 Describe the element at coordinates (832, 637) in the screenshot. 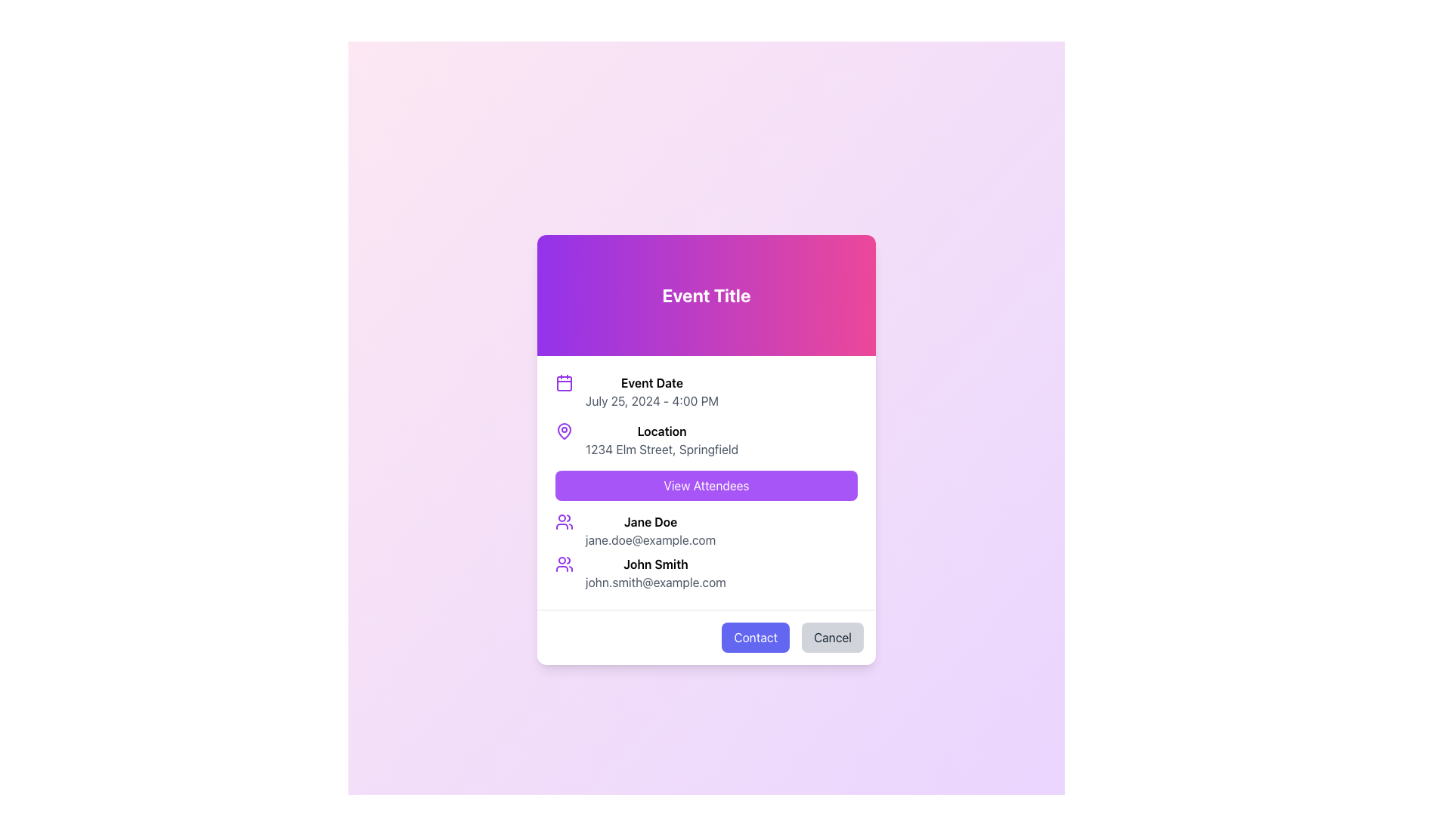

I see `the 'Cancel' button` at that location.